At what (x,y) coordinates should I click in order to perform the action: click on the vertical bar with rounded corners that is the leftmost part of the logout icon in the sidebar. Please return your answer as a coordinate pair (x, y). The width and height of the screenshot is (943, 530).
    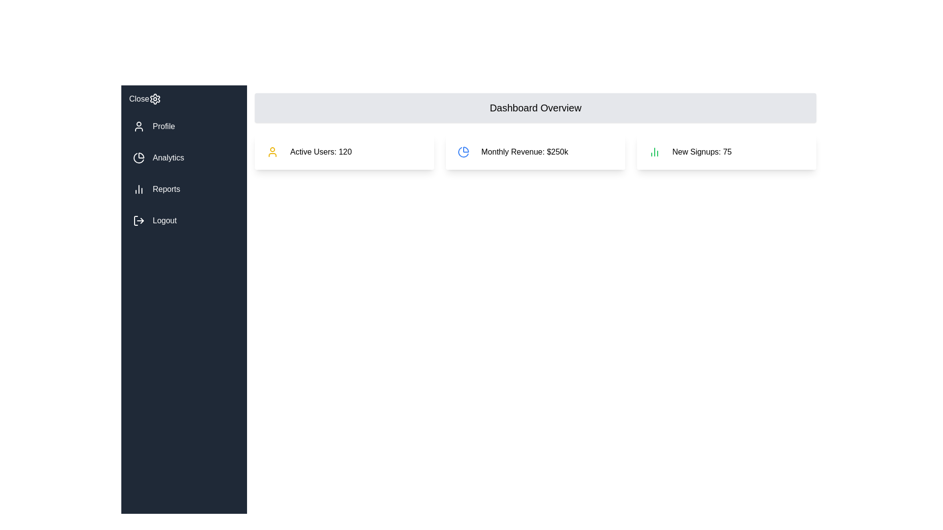
    Looking at the image, I should click on (136, 221).